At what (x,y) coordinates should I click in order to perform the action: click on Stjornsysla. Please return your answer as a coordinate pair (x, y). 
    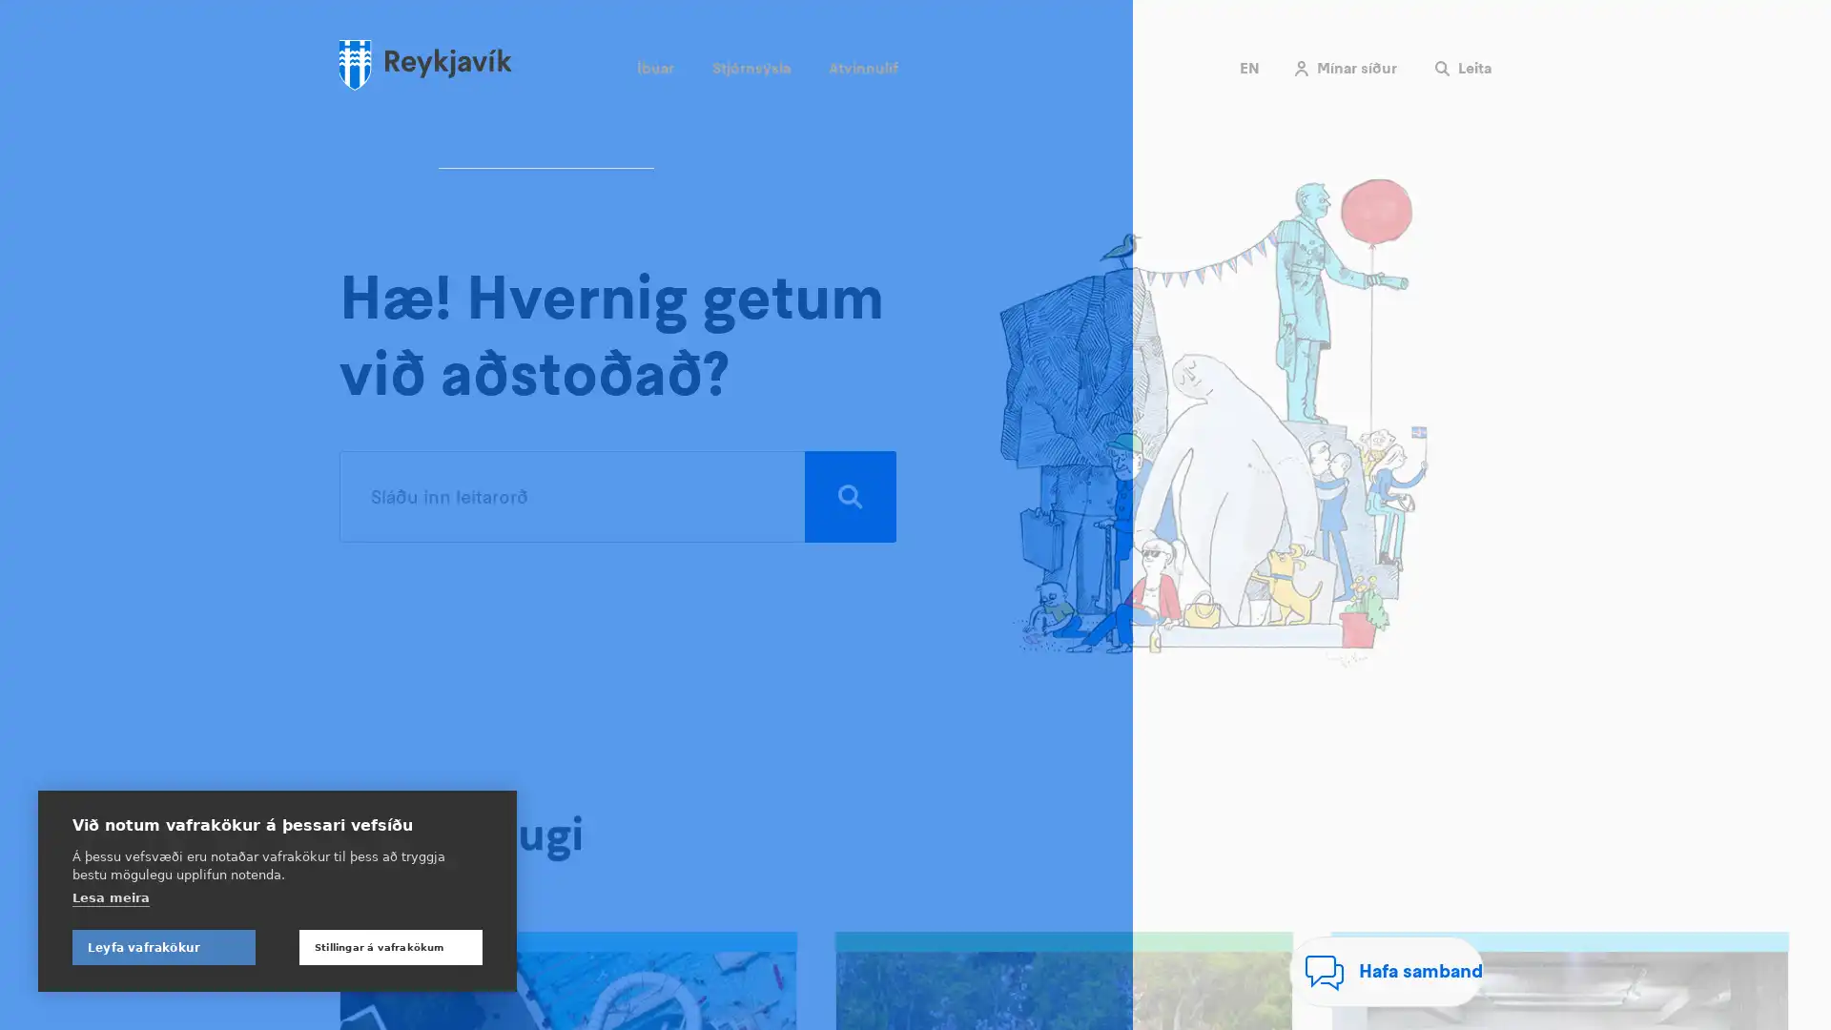
    Looking at the image, I should click on (750, 64).